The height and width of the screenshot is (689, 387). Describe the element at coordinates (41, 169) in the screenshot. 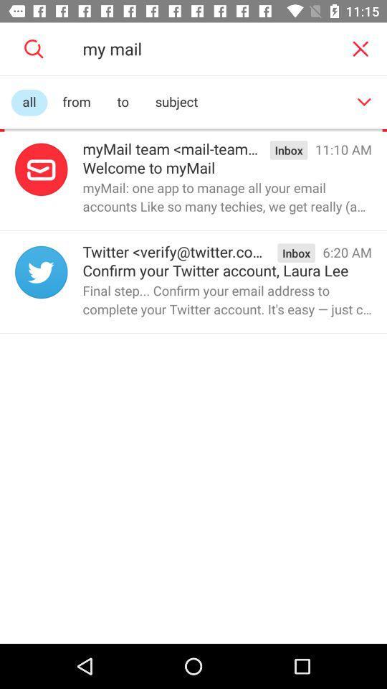

I see `open message` at that location.